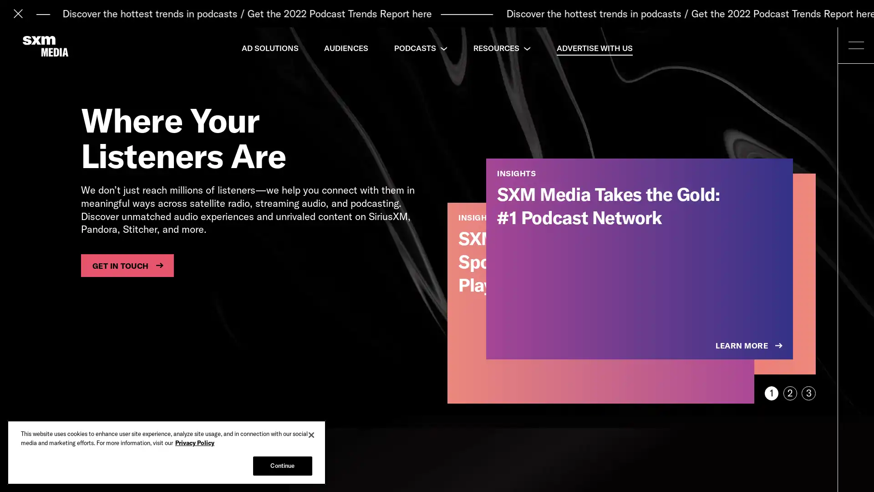 Image resolution: width=874 pixels, height=492 pixels. What do you see at coordinates (808, 393) in the screenshot?
I see `3` at bounding box center [808, 393].